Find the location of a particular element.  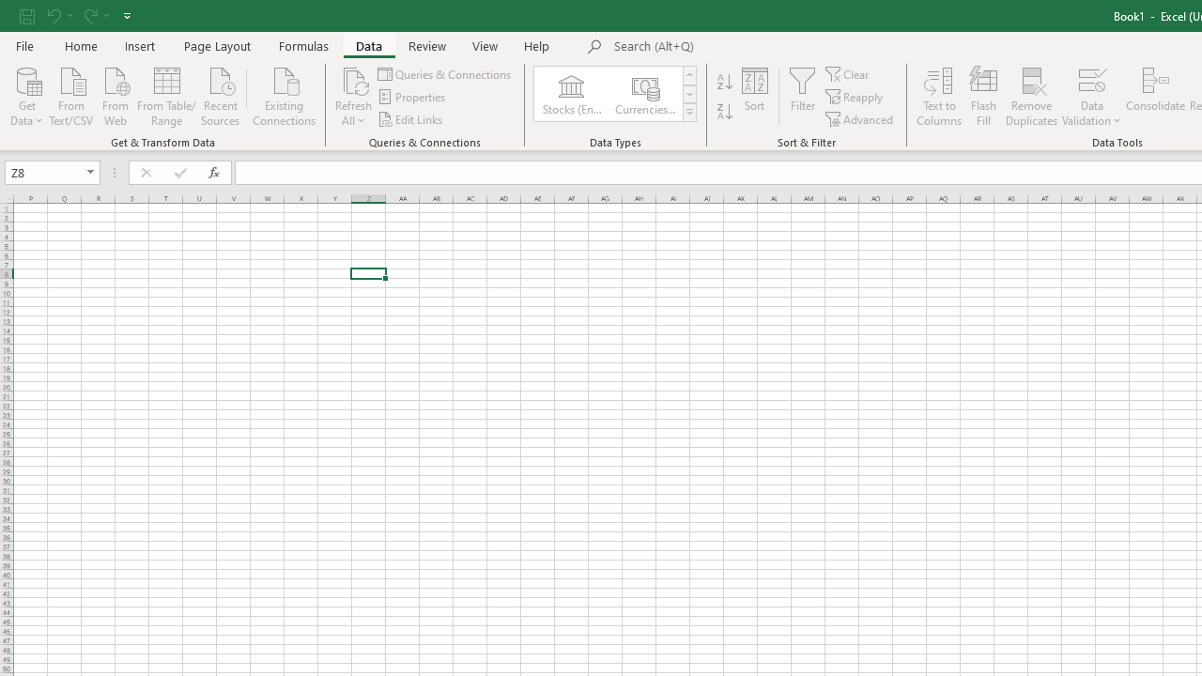

'File Tab' is located at coordinates (24, 44).